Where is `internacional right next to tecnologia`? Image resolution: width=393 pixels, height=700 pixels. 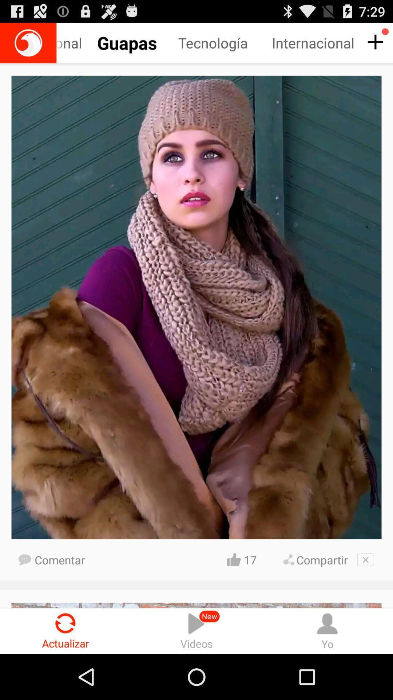
internacional right next to tecnologia is located at coordinates (314, 43).